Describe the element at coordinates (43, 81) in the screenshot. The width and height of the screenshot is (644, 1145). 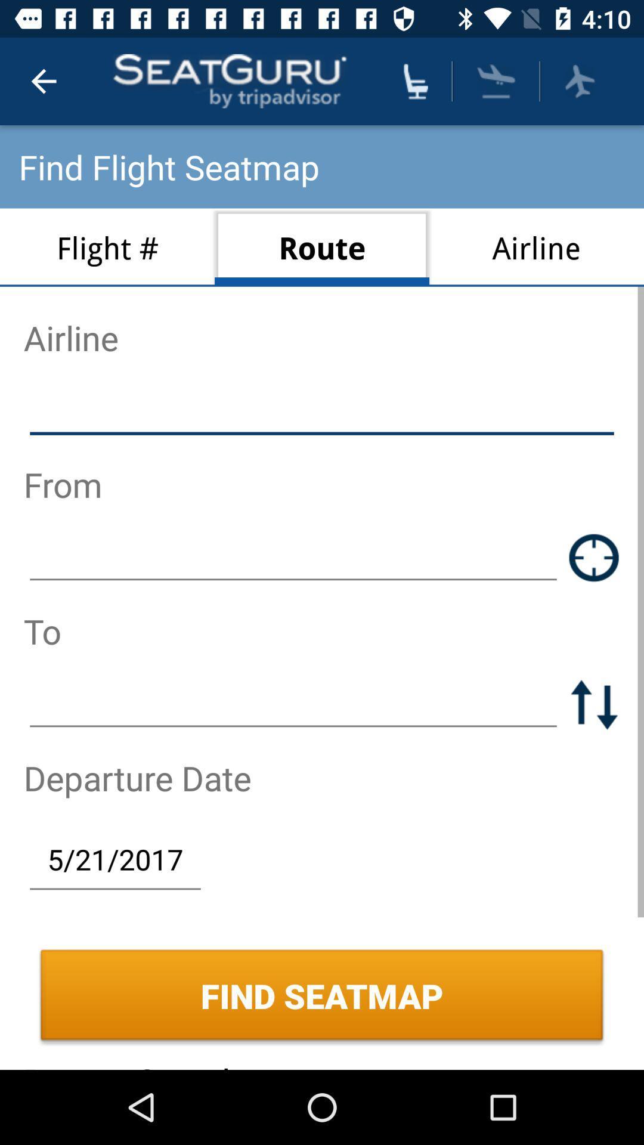
I see `the icon above the find flight seatmap item` at that location.